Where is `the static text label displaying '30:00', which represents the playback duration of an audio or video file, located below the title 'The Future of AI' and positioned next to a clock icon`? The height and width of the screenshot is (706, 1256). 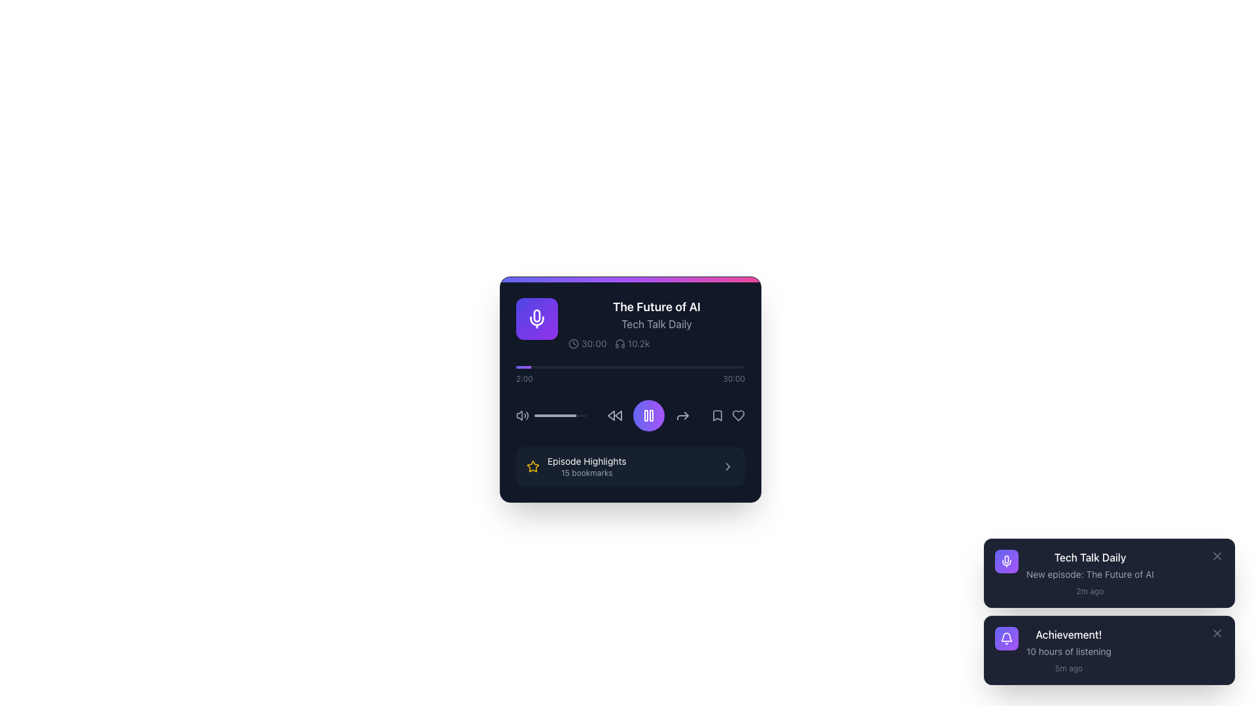 the static text label displaying '30:00', which represents the playback duration of an audio or video file, located below the title 'The Future of AI' and positioned next to a clock icon is located at coordinates (587, 343).